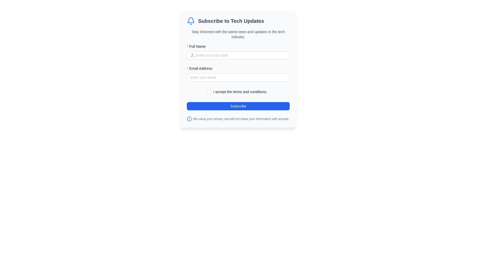 This screenshot has width=494, height=277. Describe the element at coordinates (240, 92) in the screenshot. I see `the Label with an embedded hyperlink that provides context for the checkbox to its left, located below the email input field and above the subscription button` at that location.